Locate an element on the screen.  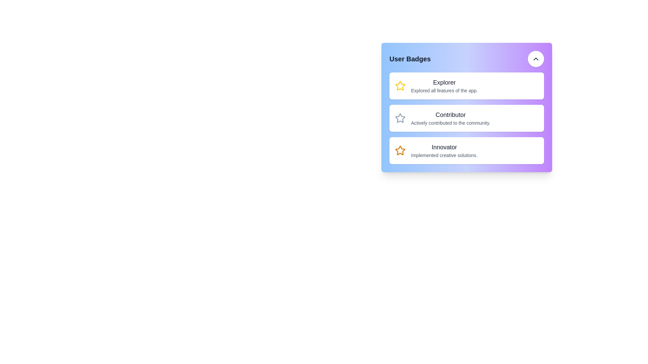
the star icon with a yellow border located in the 'Explorer' badge section of the user badge panel, which is the leftmost element aligned with the 'Explorer' title and subtitle is located at coordinates (400, 85).